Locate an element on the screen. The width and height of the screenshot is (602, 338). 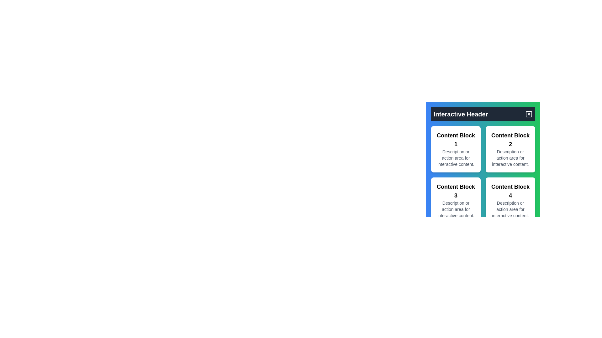
the Non-interactive content block titled 'Content Block 3', which features a white background, black text, and rounded corners is located at coordinates (456, 200).